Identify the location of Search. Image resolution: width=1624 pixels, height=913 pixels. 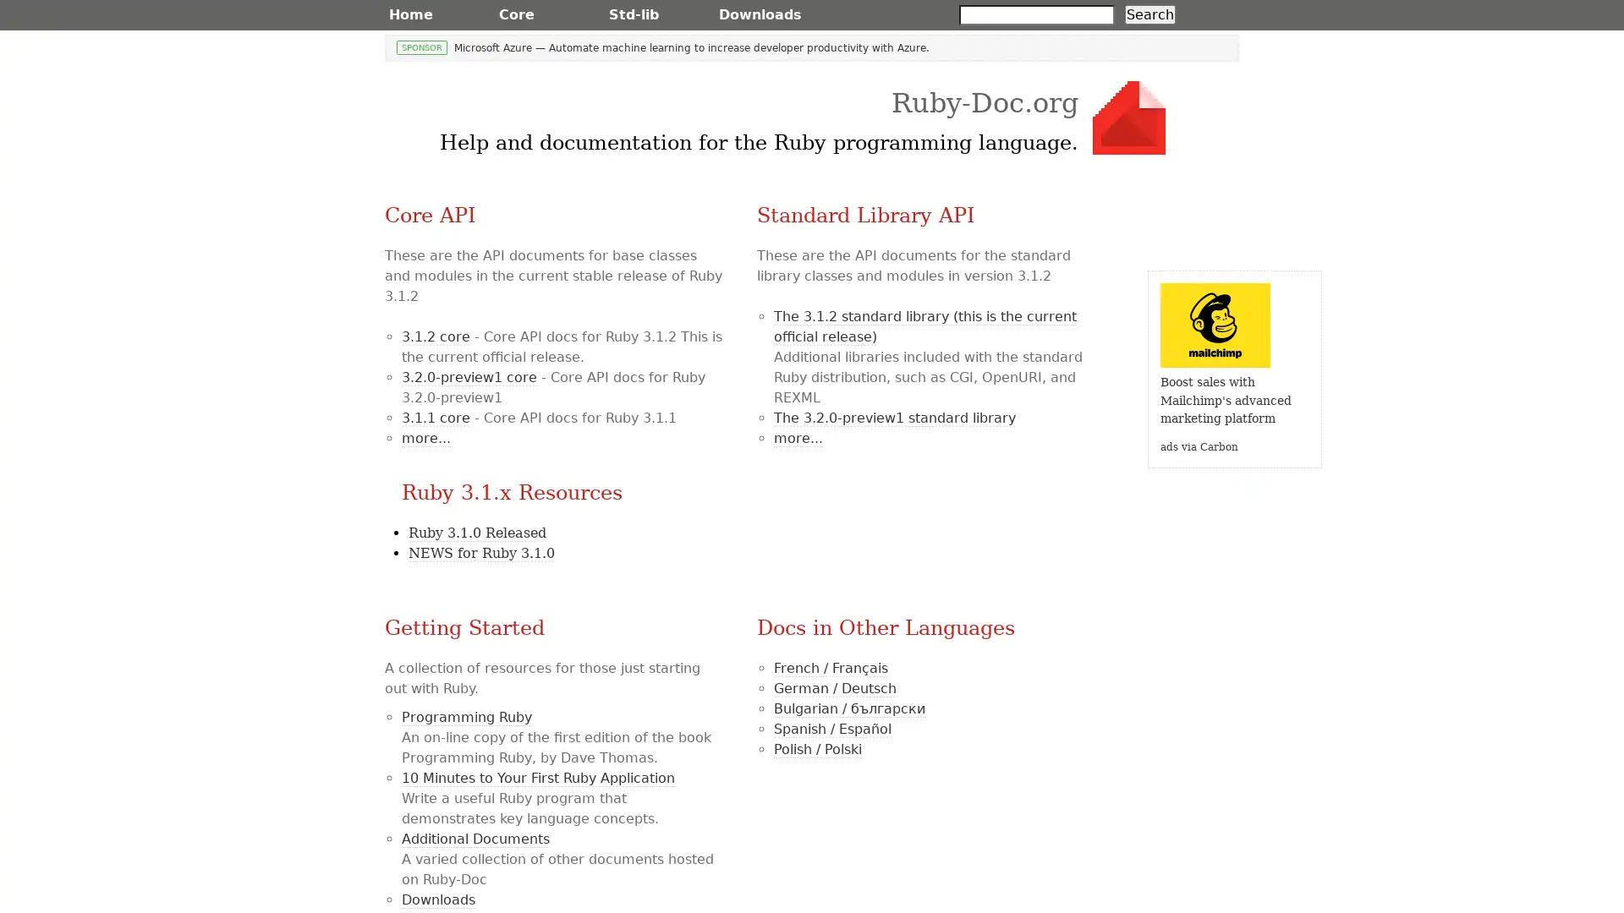
(1149, 14).